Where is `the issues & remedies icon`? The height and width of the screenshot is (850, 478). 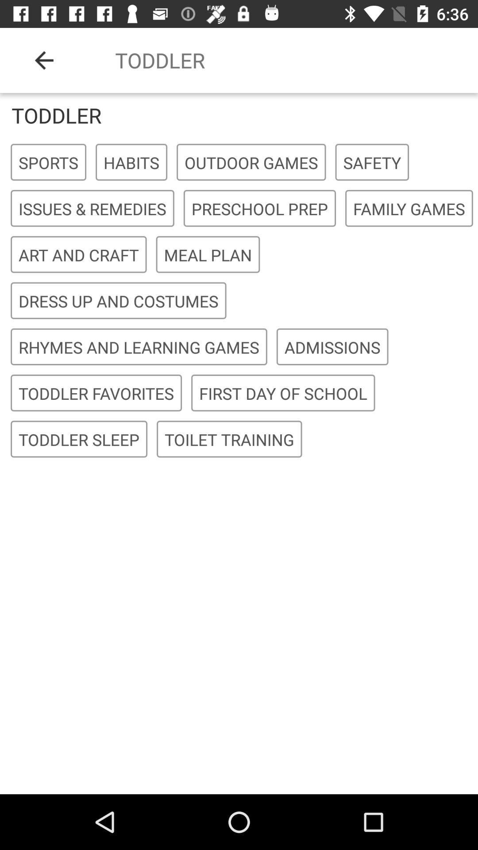 the issues & remedies icon is located at coordinates (92, 208).